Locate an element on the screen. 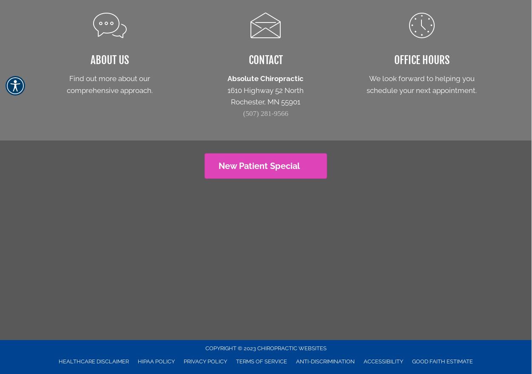 The image size is (532, 374). 'schedule your next appointment.' is located at coordinates (421, 89).